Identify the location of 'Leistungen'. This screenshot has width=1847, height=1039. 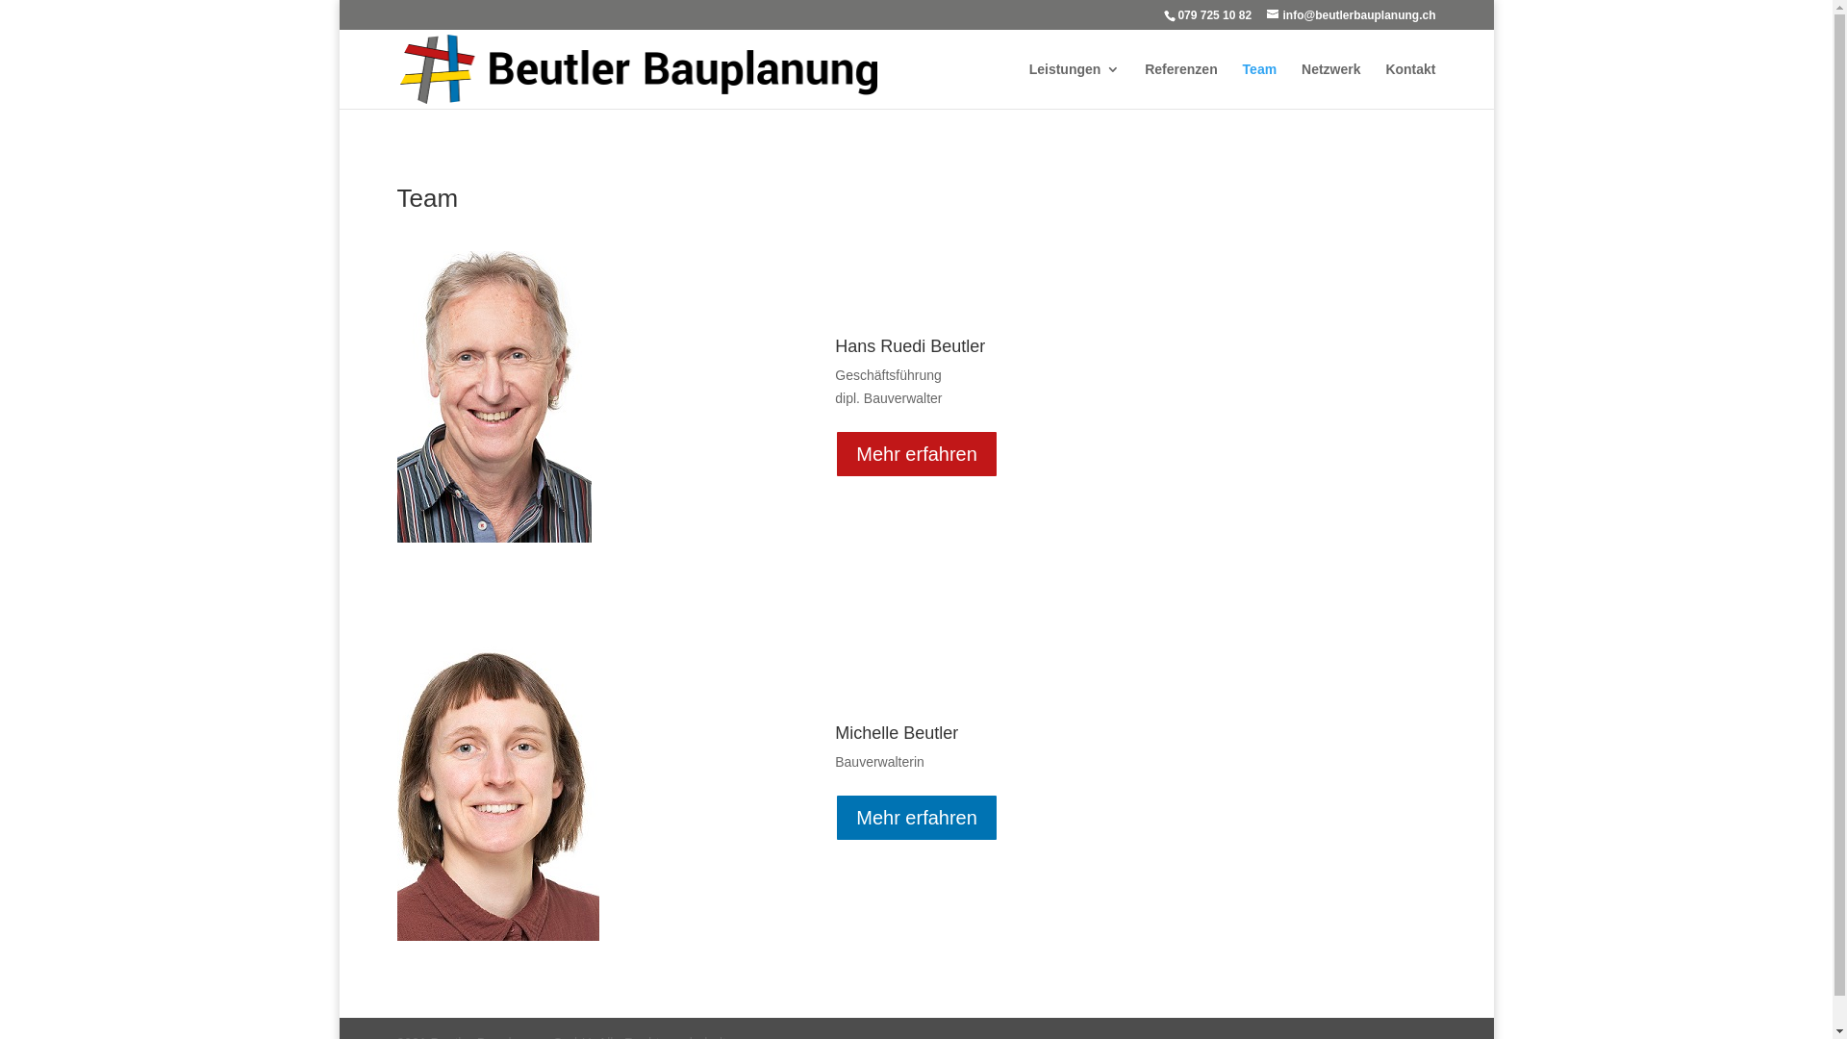
(1028, 84).